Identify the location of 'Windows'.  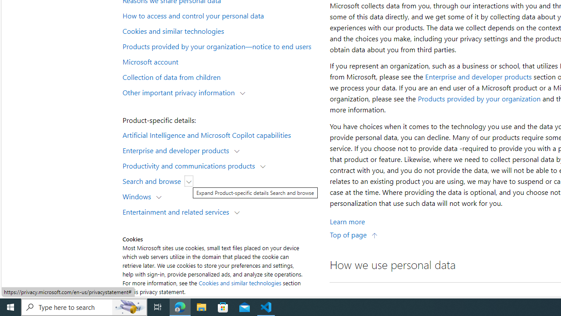
(138, 196).